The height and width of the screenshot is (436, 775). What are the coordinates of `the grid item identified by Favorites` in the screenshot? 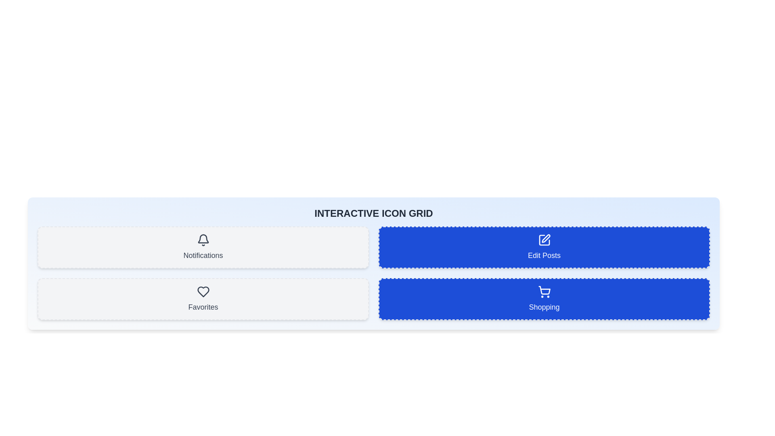 It's located at (203, 299).